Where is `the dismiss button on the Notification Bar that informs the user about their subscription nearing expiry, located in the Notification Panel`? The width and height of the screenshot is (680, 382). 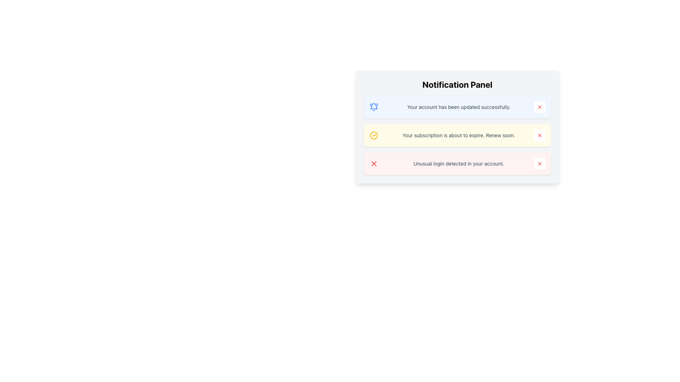 the dismiss button on the Notification Bar that informs the user about their subscription nearing expiry, located in the Notification Panel is located at coordinates (457, 135).